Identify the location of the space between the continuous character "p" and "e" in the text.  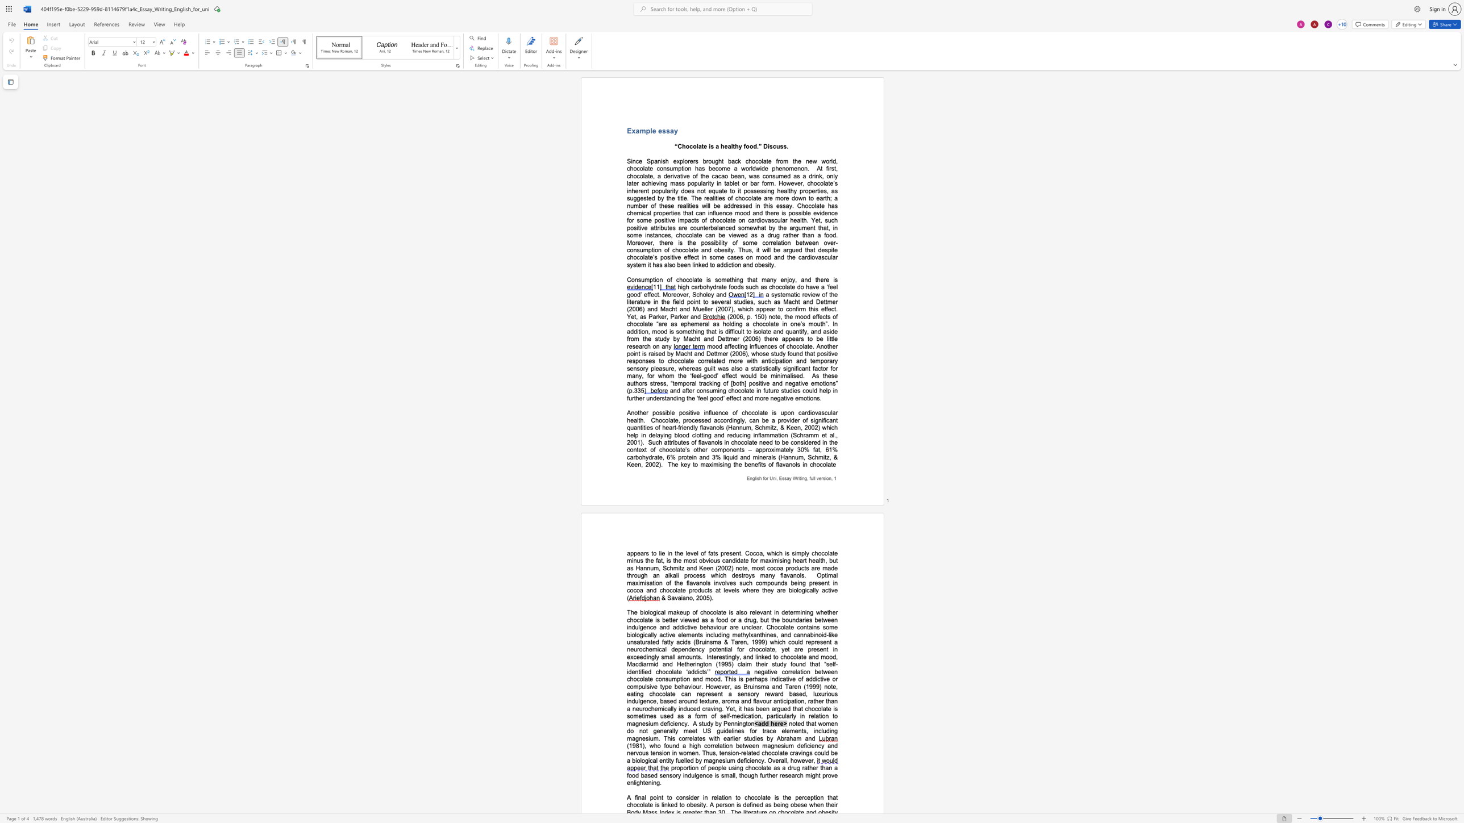
(766, 308).